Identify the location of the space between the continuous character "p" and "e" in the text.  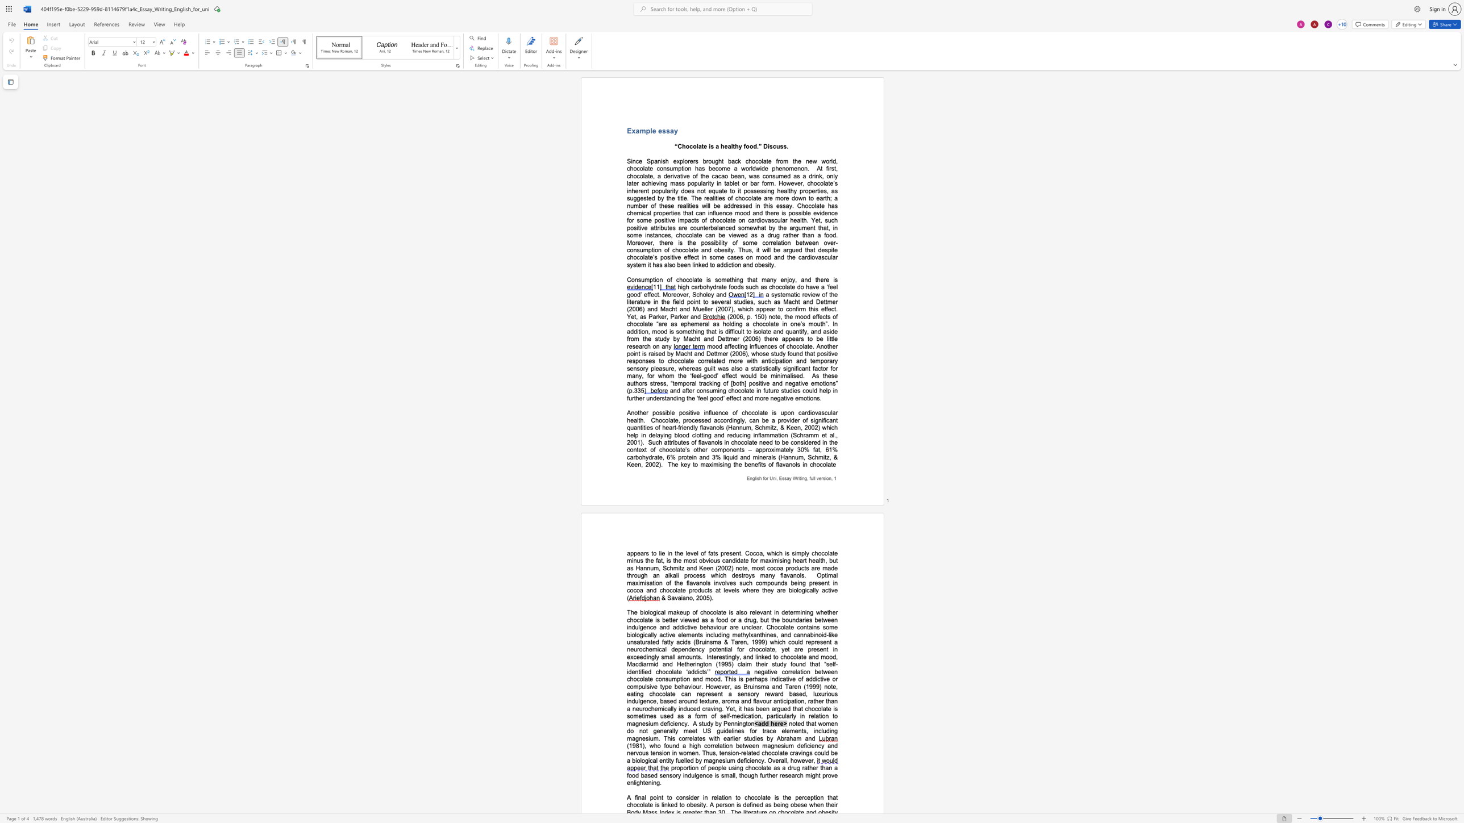
(766, 308).